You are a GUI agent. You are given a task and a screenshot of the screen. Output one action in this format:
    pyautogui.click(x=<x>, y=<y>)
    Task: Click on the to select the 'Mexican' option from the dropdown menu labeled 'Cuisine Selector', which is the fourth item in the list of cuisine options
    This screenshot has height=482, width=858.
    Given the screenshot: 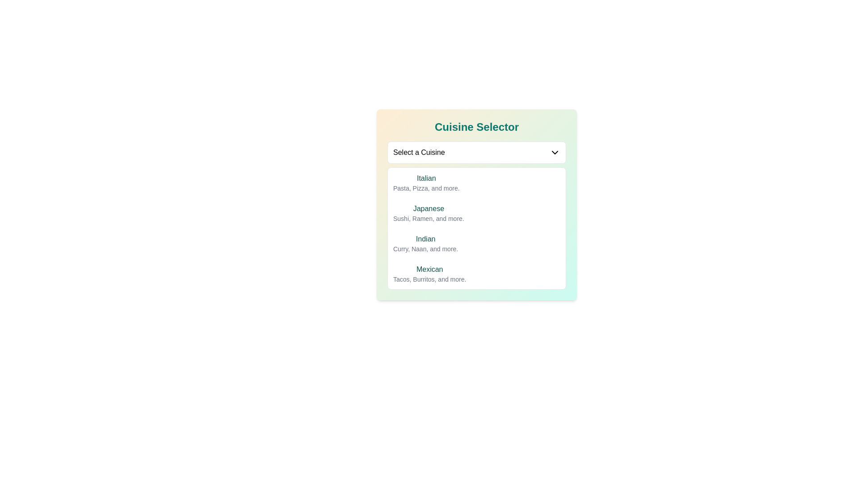 What is the action you would take?
    pyautogui.click(x=429, y=273)
    